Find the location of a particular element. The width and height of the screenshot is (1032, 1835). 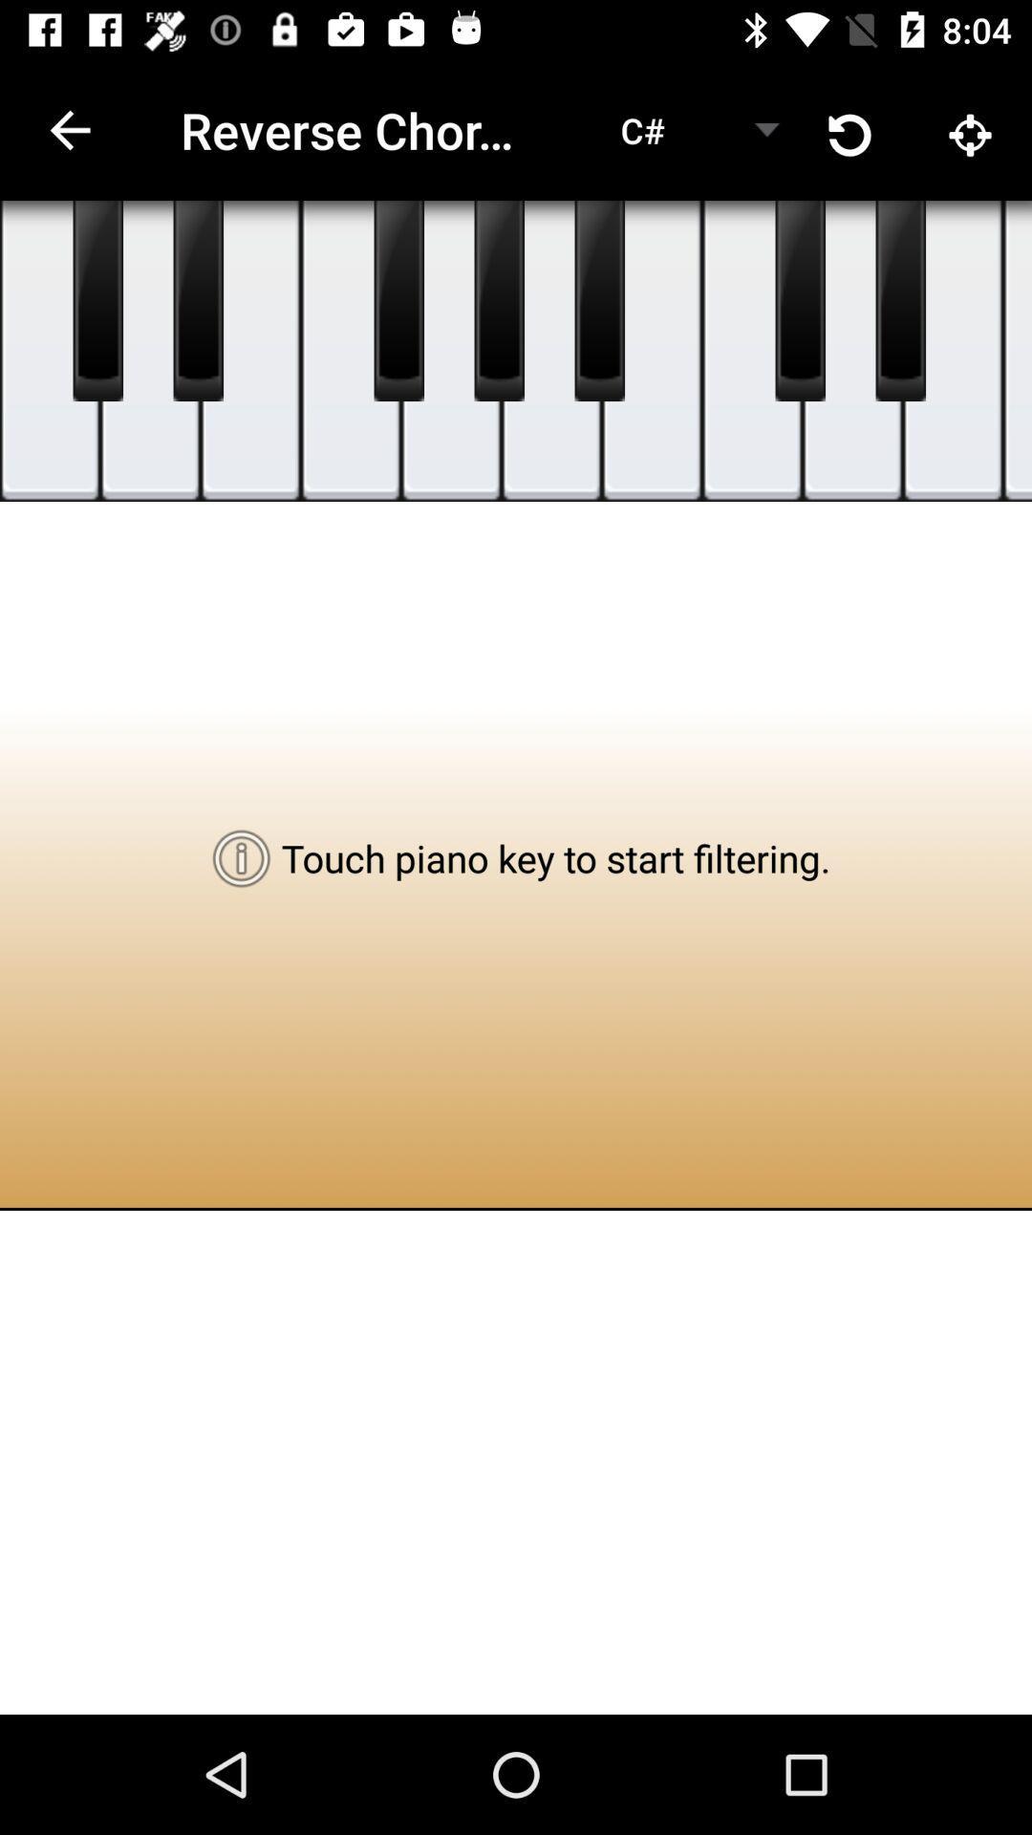

touch to play is located at coordinates (551, 351).